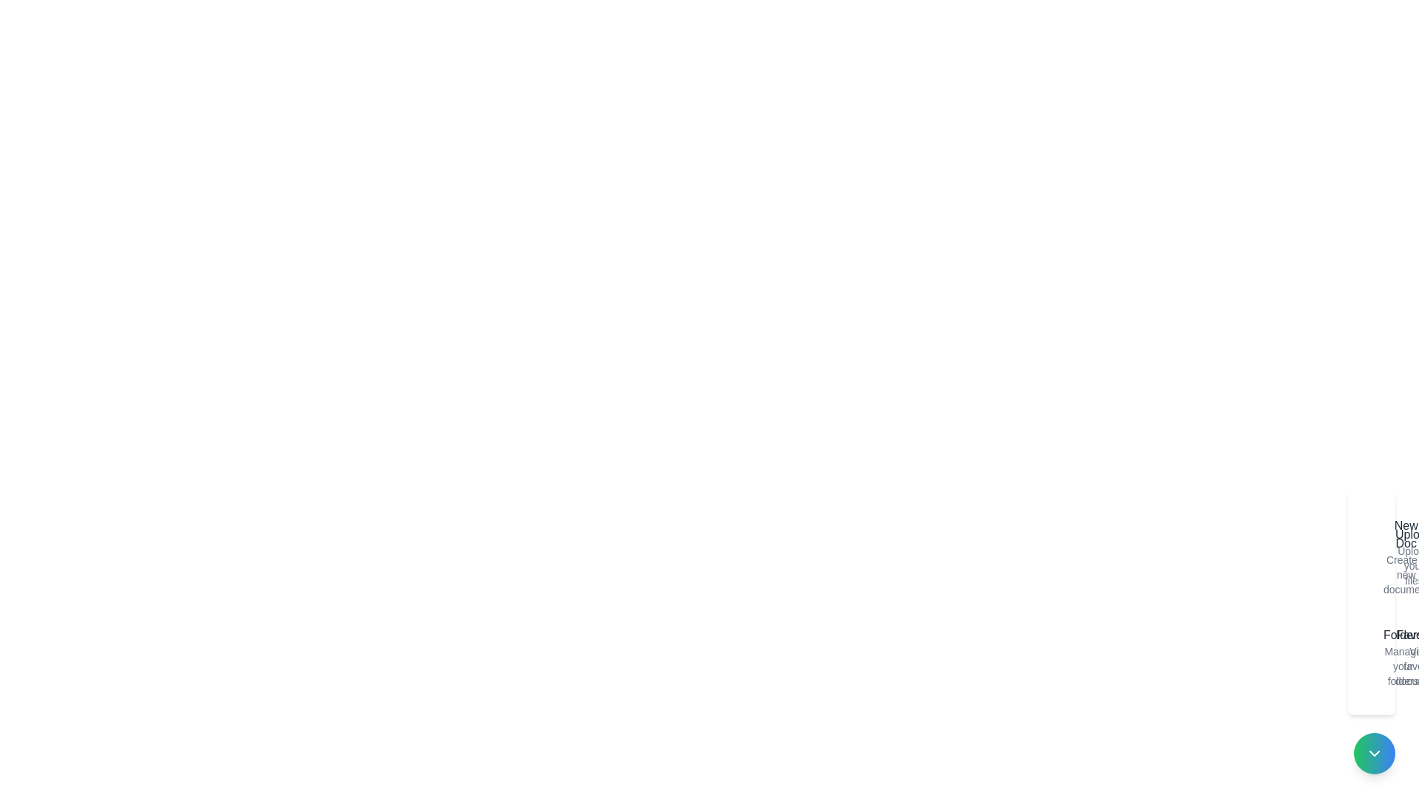  What do you see at coordinates (1386, 657) in the screenshot?
I see `the 'Favorites' option in the menu` at bounding box center [1386, 657].